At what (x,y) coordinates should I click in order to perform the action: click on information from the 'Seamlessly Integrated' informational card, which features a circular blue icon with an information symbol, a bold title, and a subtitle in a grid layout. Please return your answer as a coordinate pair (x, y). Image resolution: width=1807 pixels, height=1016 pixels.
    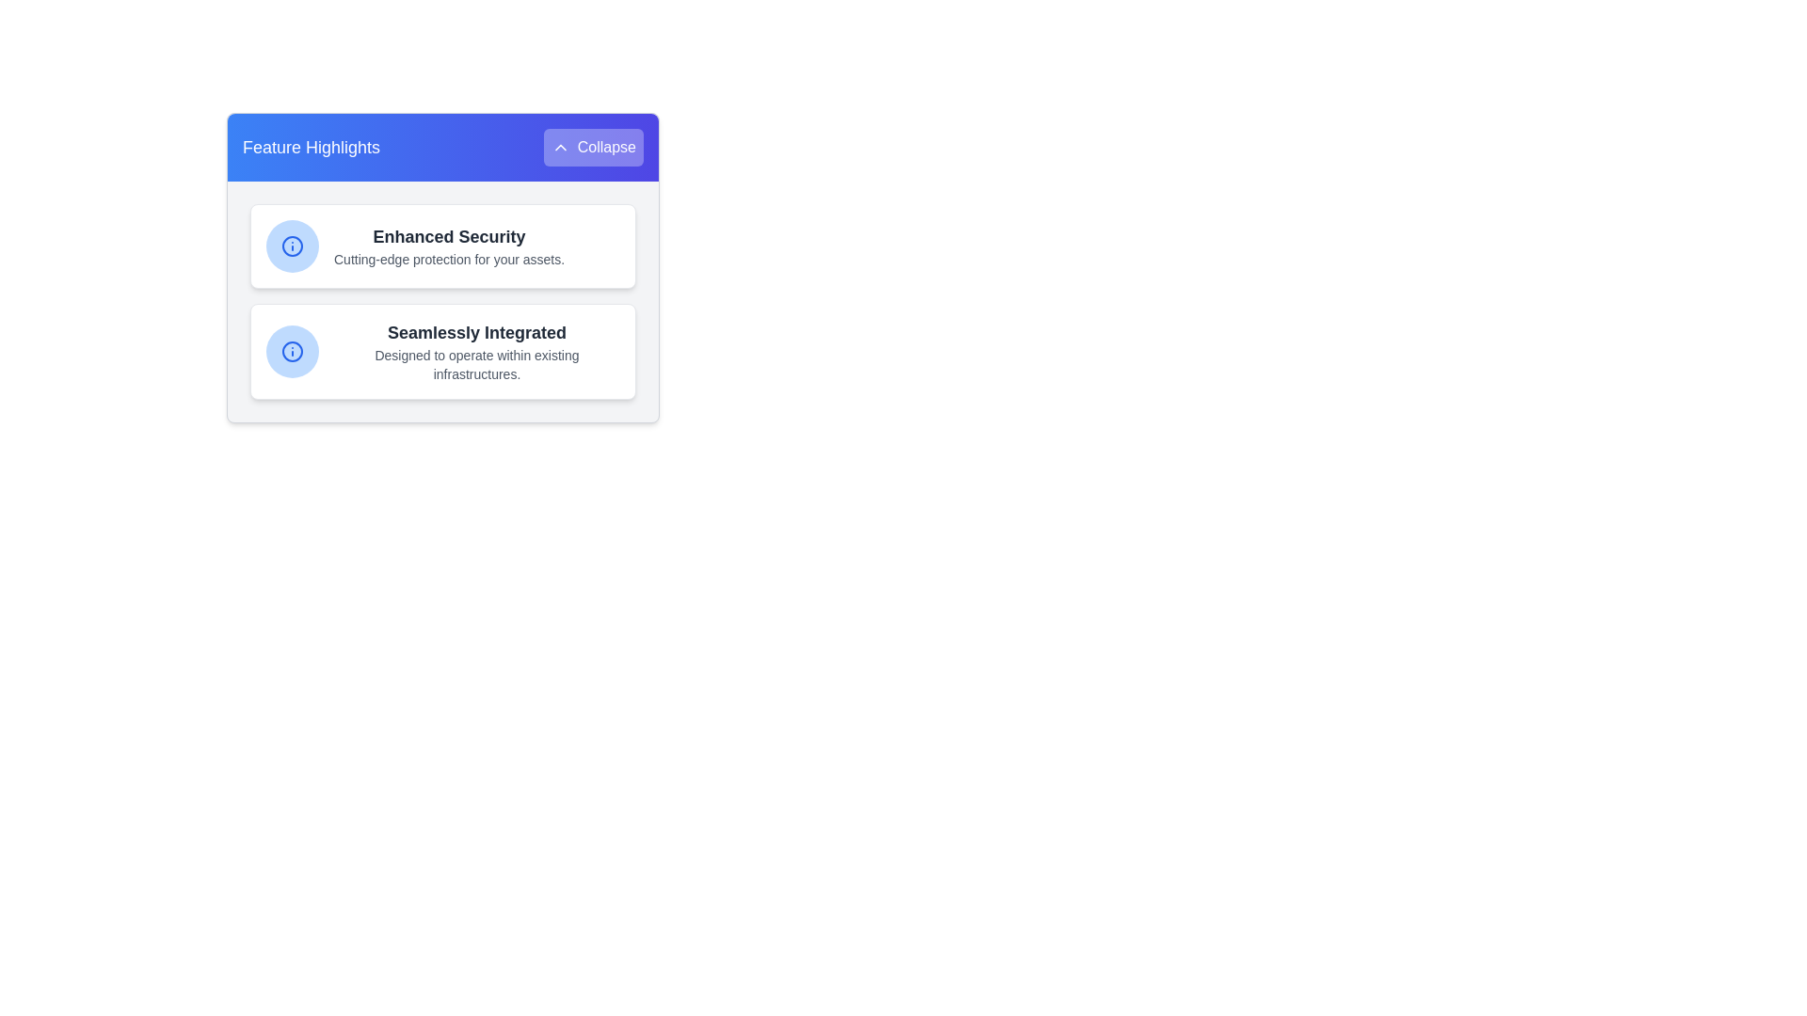
    Looking at the image, I should click on (441, 352).